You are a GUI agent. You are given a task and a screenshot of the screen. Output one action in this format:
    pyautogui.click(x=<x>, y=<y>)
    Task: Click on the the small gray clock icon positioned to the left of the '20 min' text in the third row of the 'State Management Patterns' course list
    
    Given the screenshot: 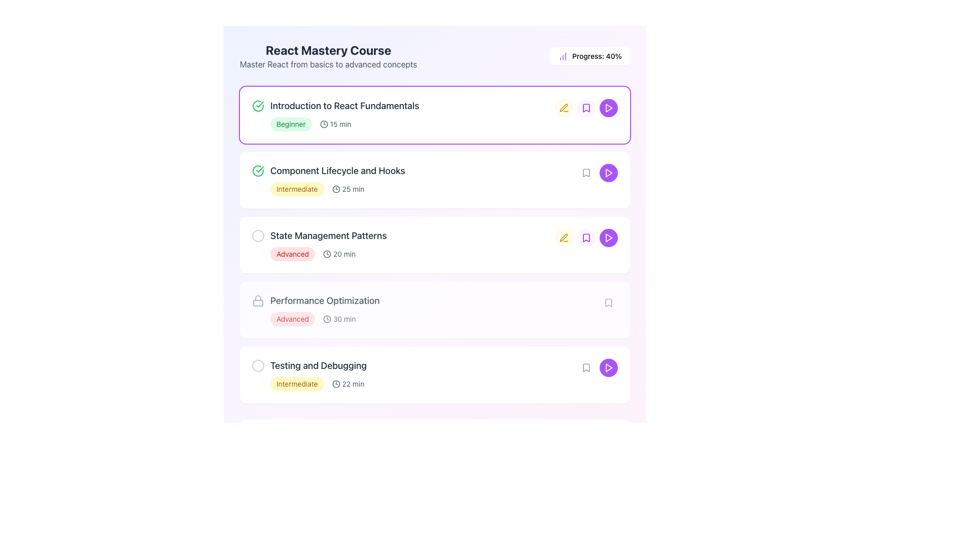 What is the action you would take?
    pyautogui.click(x=327, y=254)
    